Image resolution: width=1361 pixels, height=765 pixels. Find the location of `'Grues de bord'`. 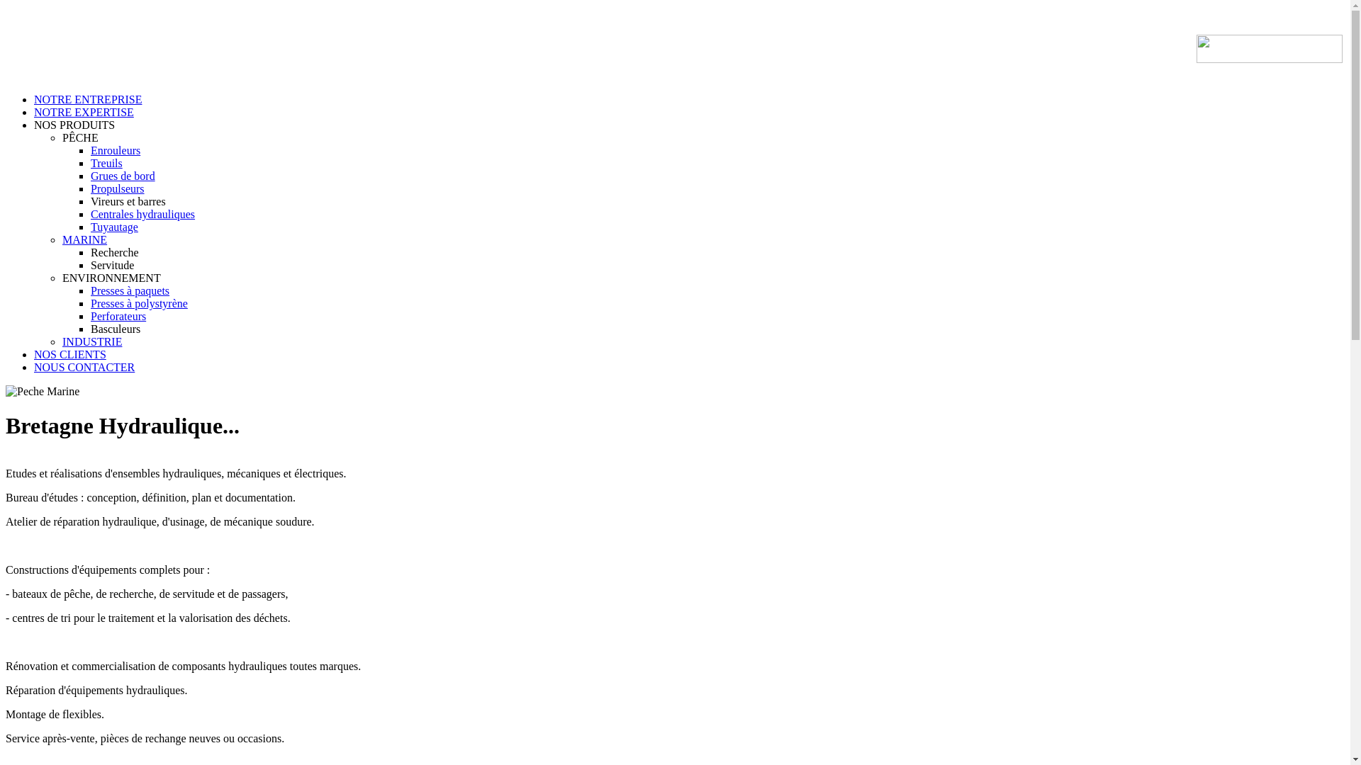

'Grues de bord' is located at coordinates (90, 175).